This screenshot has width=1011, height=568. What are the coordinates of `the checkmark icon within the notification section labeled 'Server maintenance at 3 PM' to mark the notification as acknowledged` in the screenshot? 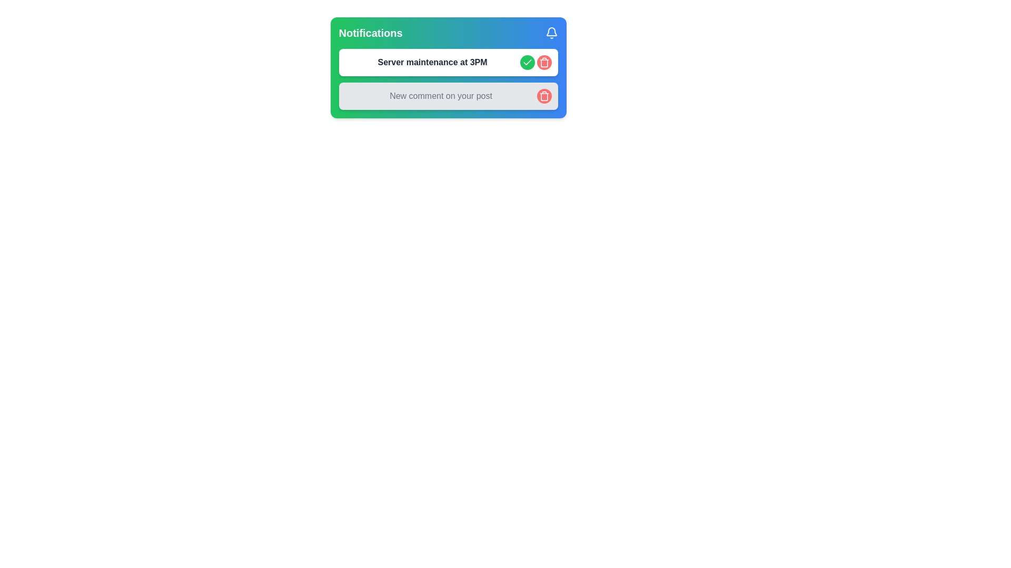 It's located at (527, 62).